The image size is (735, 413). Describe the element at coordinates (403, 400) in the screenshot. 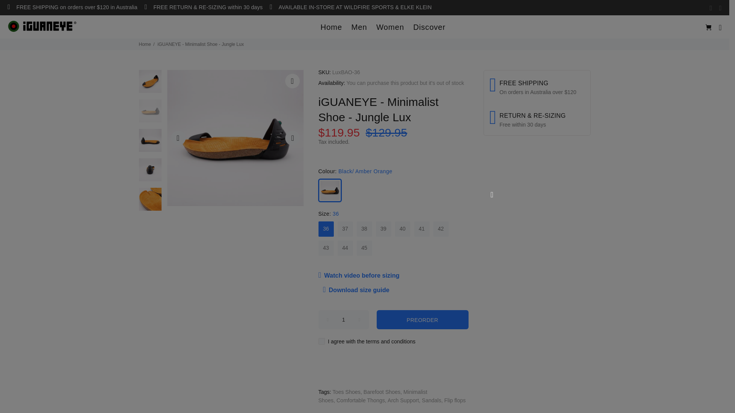

I see `'Arch Support'` at that location.